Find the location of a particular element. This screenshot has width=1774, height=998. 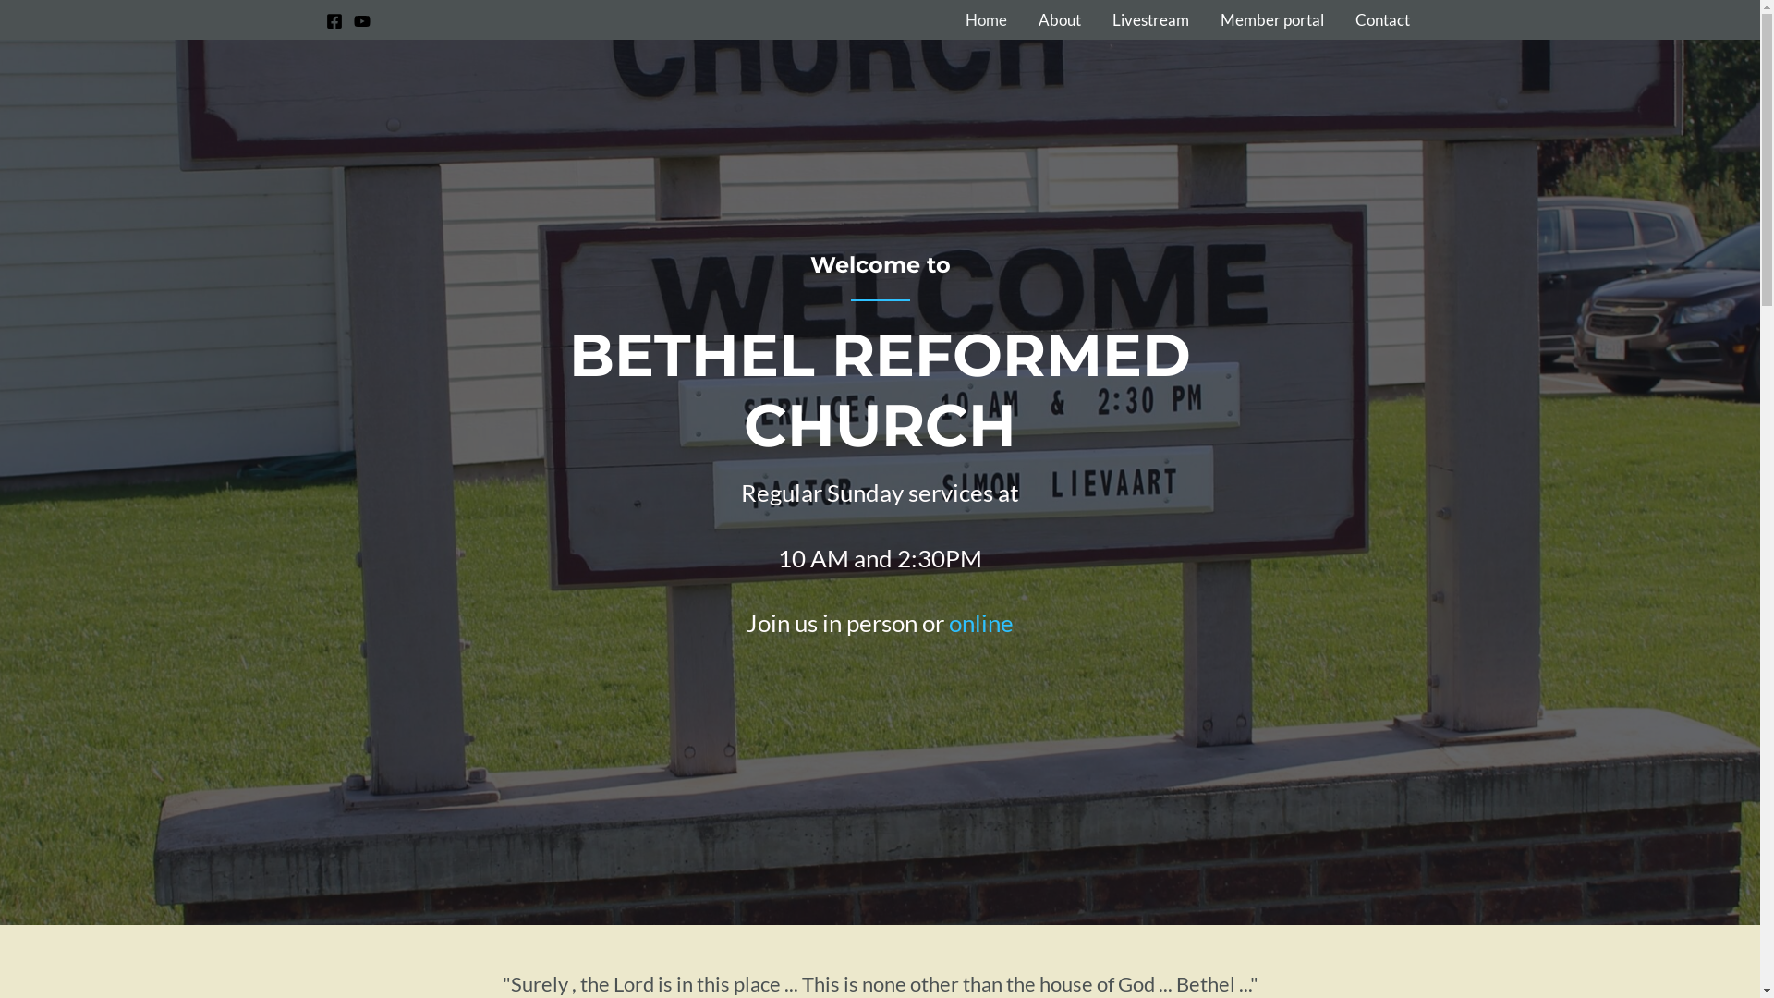

'Contact' is located at coordinates (1382, 19).